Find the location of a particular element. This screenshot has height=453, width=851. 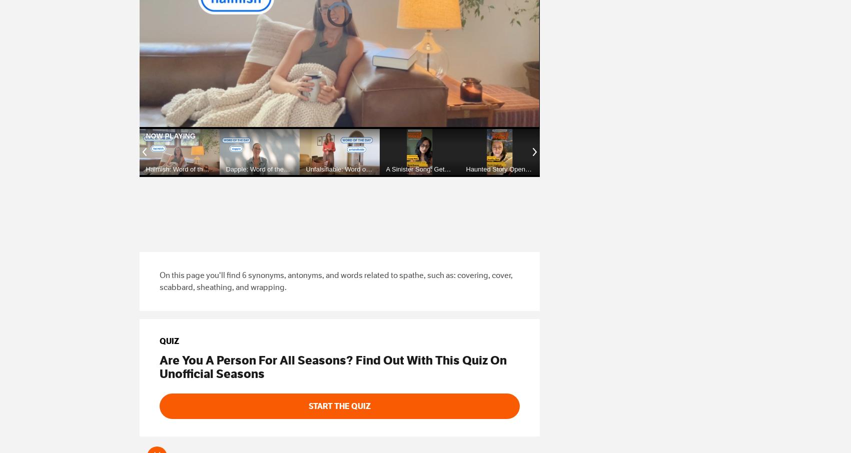

'Unfalsifiable: Word of the Day' is located at coordinates (336, 172).